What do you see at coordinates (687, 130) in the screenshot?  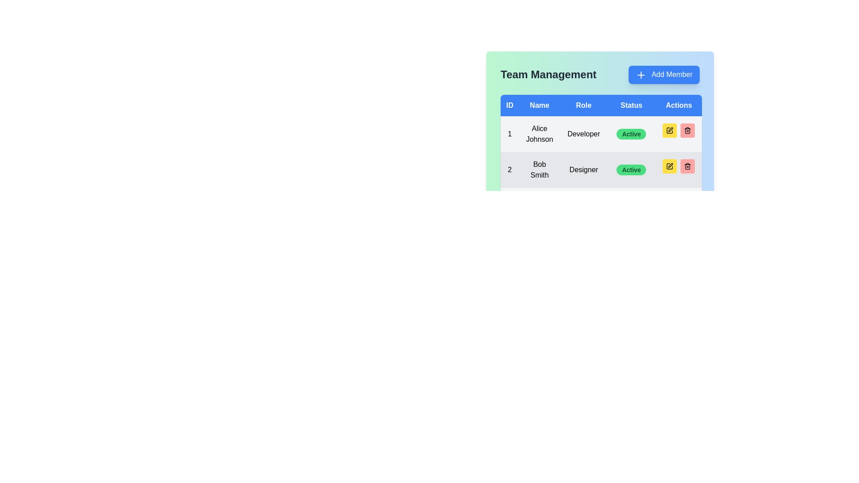 I see `the pink delete button with a trash bin icon located in the 'Actions' column of the second row of the table` at bounding box center [687, 130].